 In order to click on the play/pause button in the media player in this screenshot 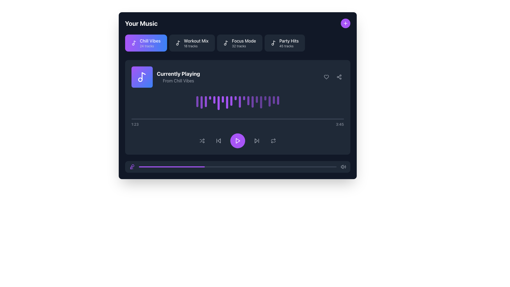, I will do `click(237, 141)`.